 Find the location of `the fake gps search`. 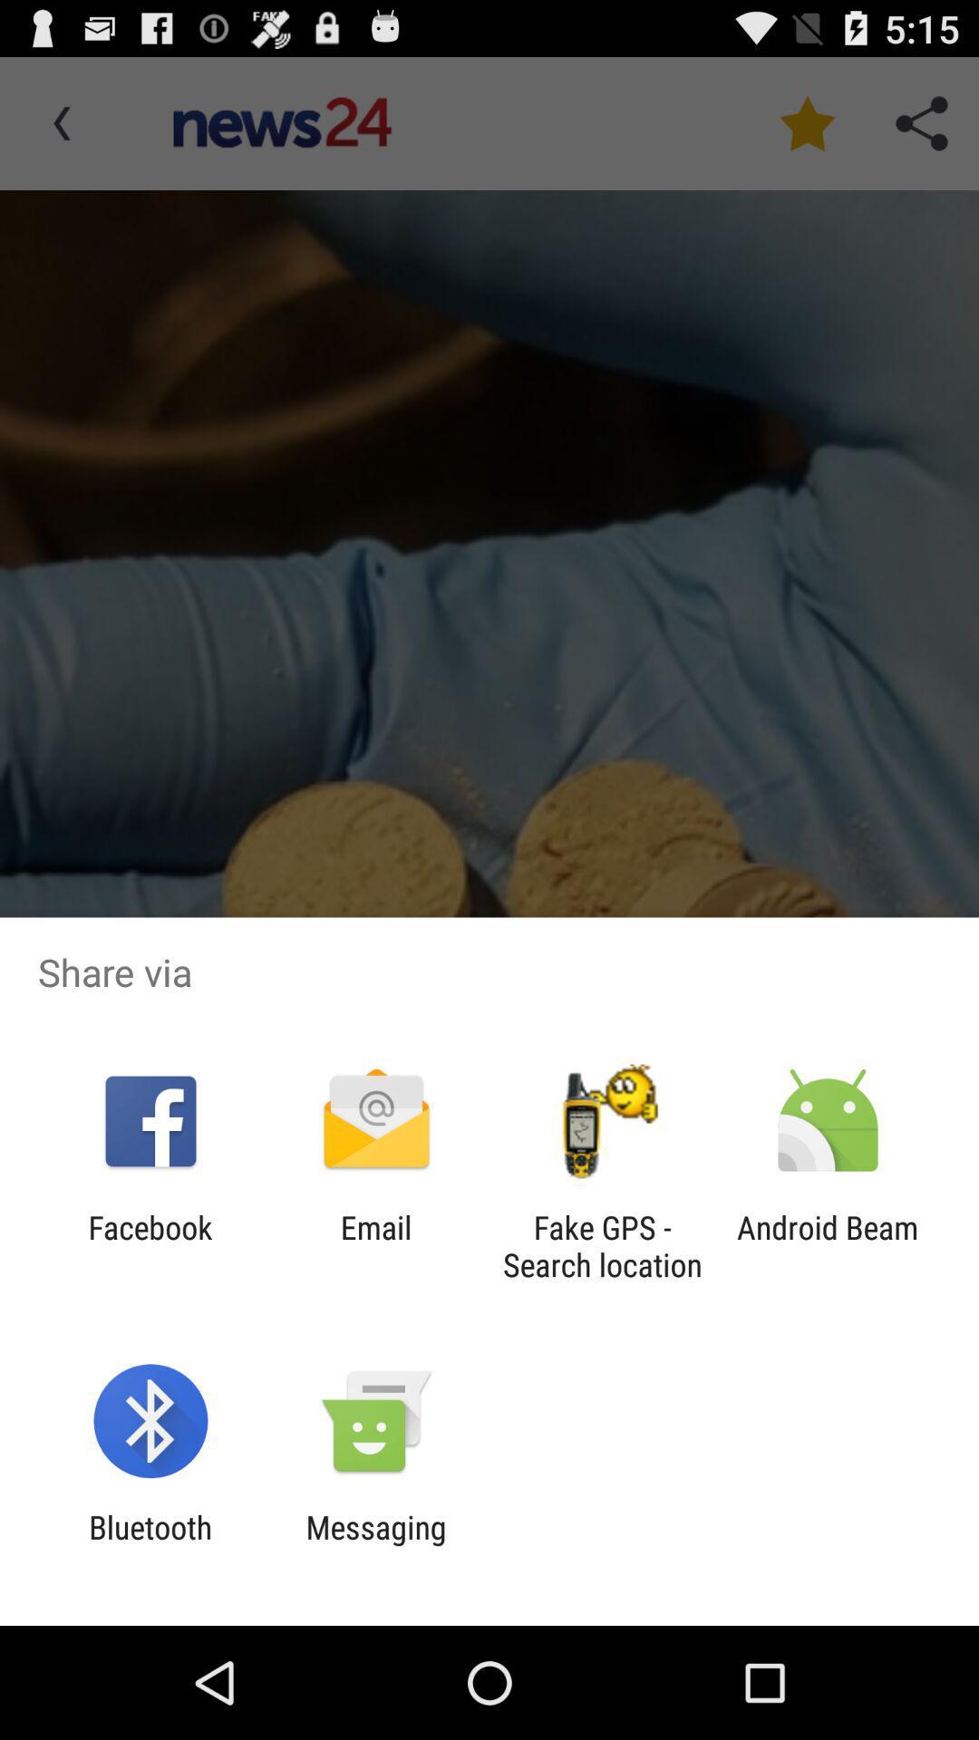

the fake gps search is located at coordinates (602, 1245).